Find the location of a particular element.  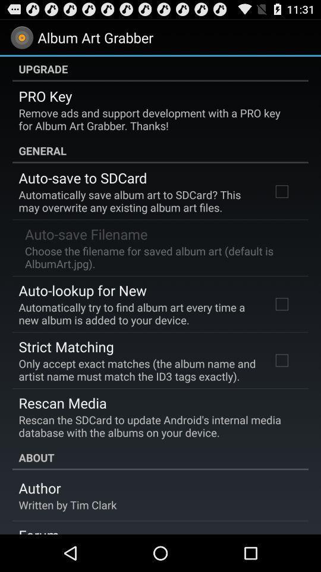

only accept exact item is located at coordinates (137, 369).